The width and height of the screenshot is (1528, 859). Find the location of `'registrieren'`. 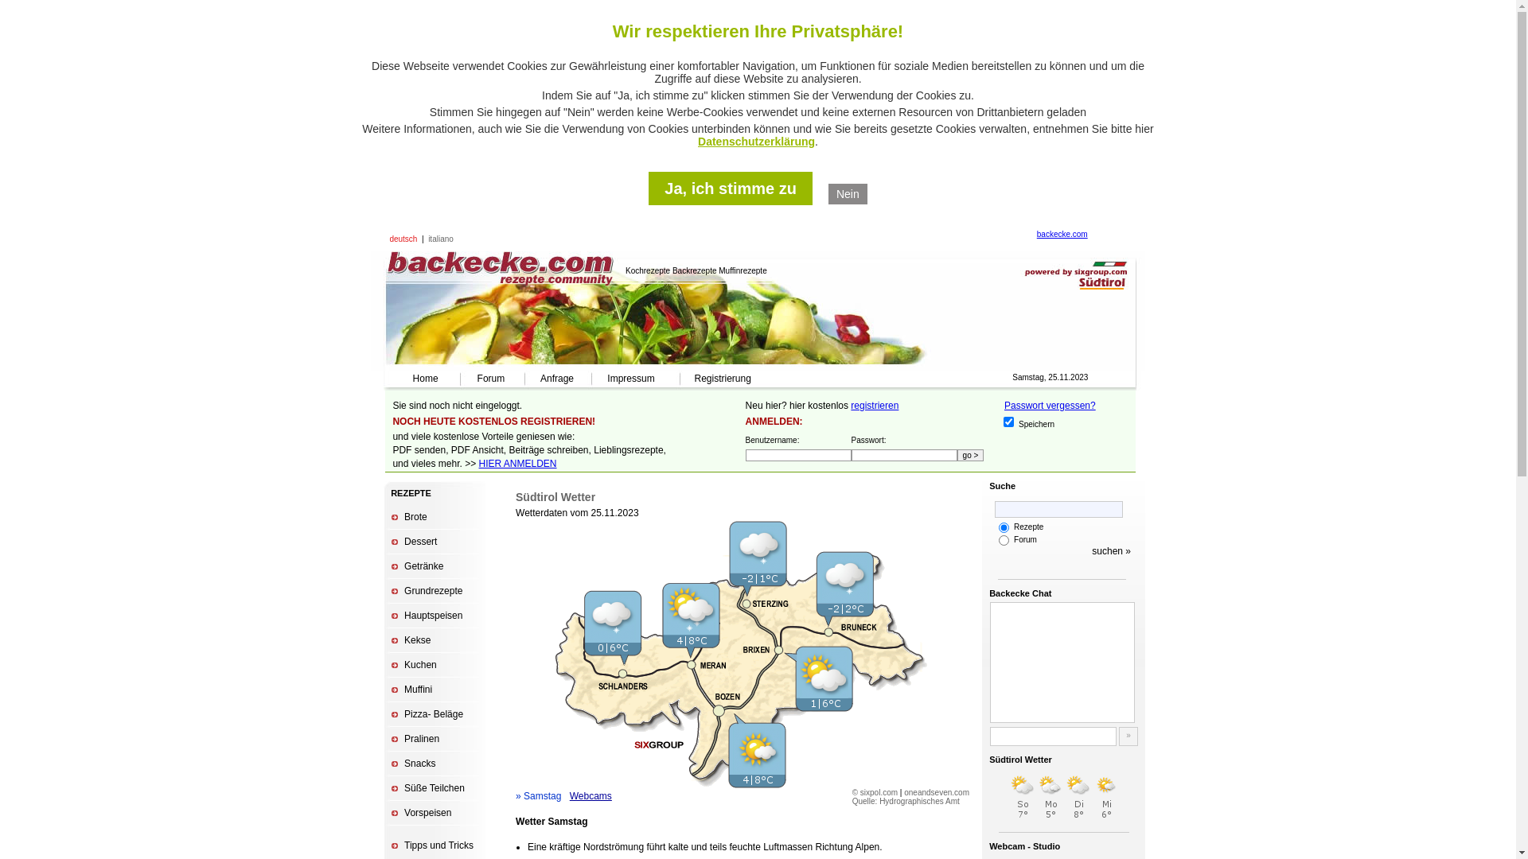

'registrieren' is located at coordinates (874, 404).